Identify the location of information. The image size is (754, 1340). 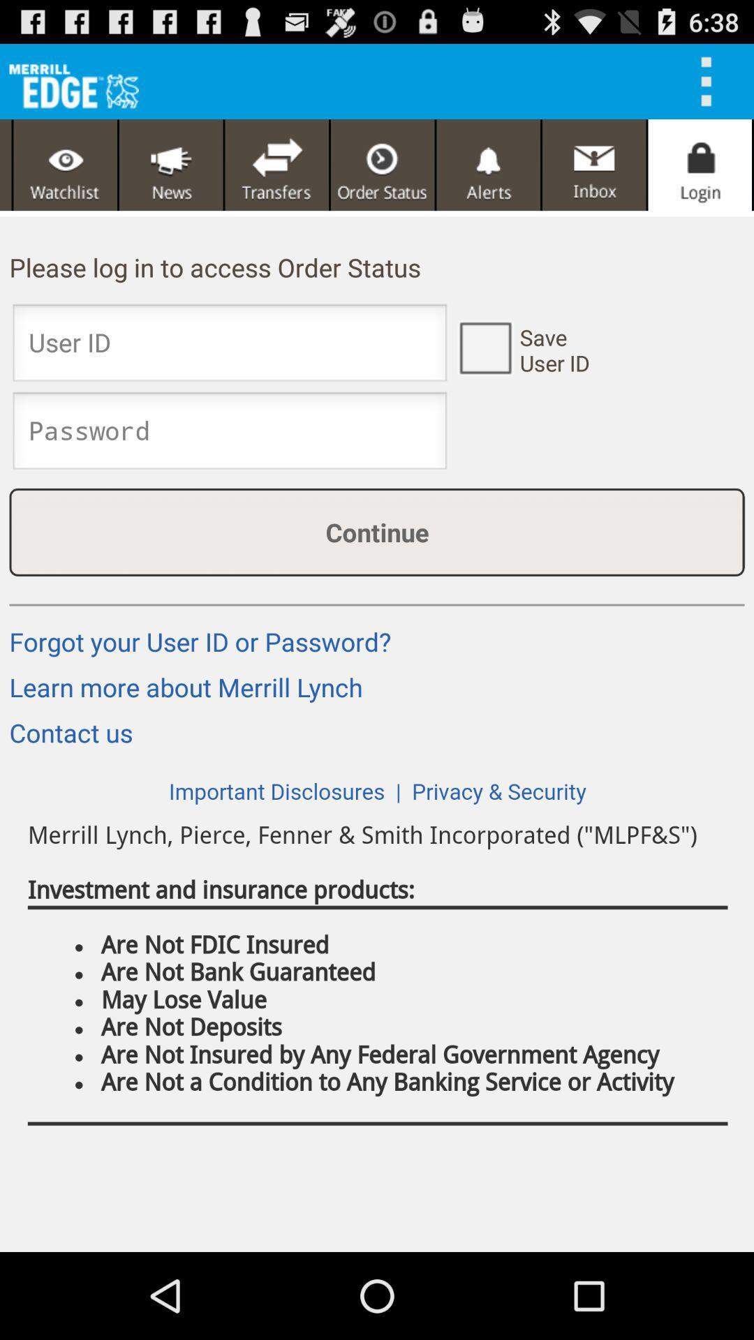
(484, 347).